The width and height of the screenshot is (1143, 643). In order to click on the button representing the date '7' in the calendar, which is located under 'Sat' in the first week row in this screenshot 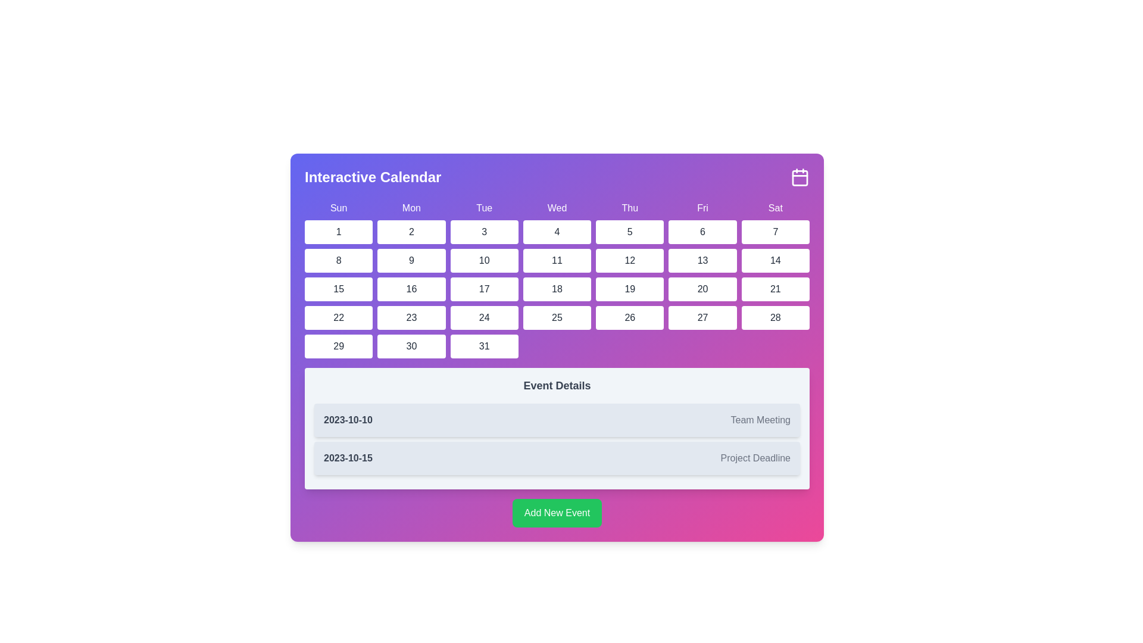, I will do `click(775, 232)`.